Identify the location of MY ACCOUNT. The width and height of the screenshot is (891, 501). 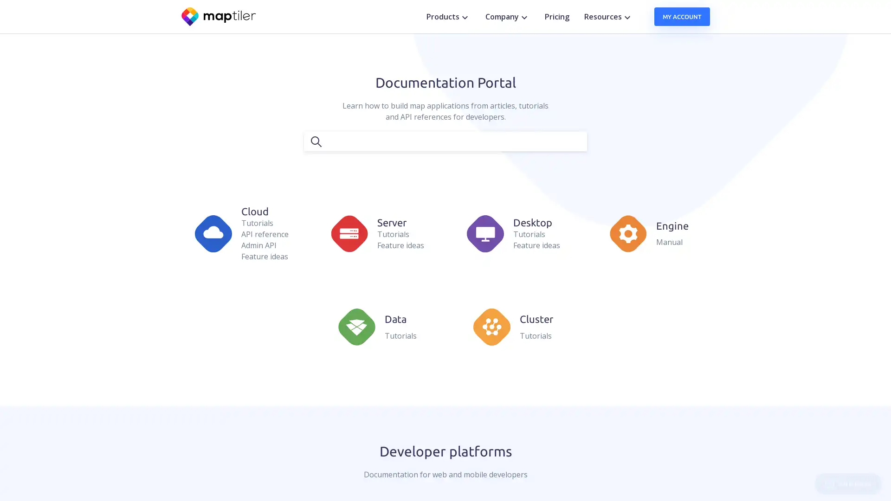
(682, 16).